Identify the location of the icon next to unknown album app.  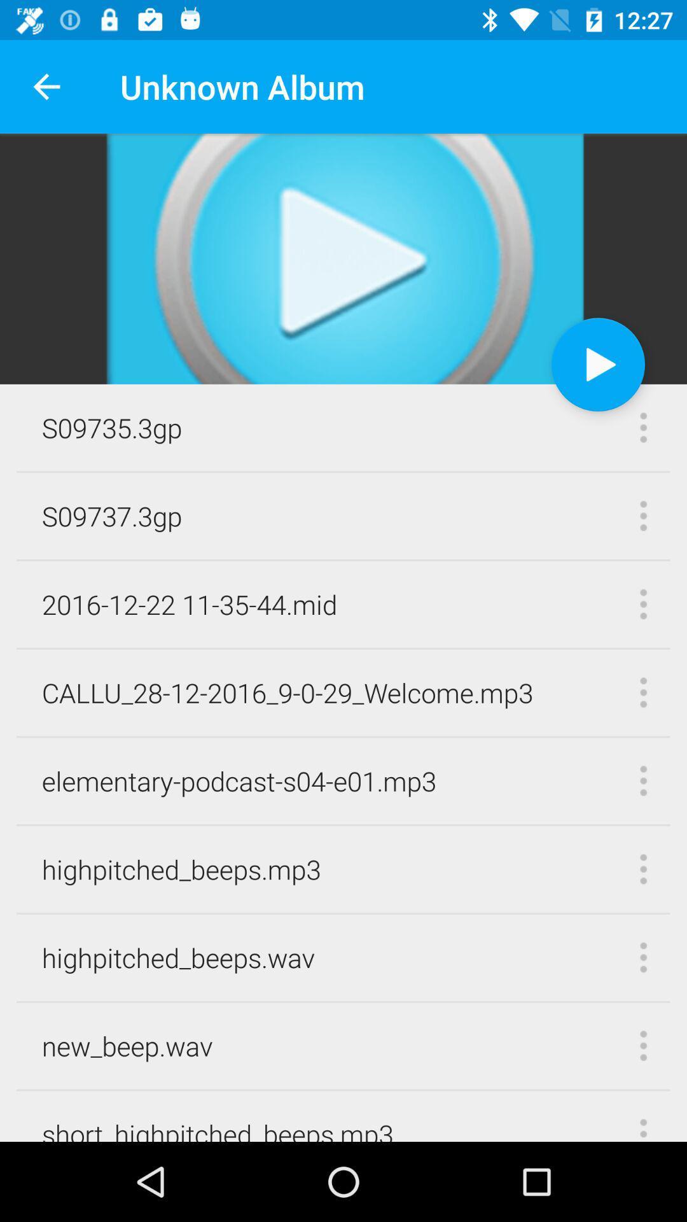
(46, 86).